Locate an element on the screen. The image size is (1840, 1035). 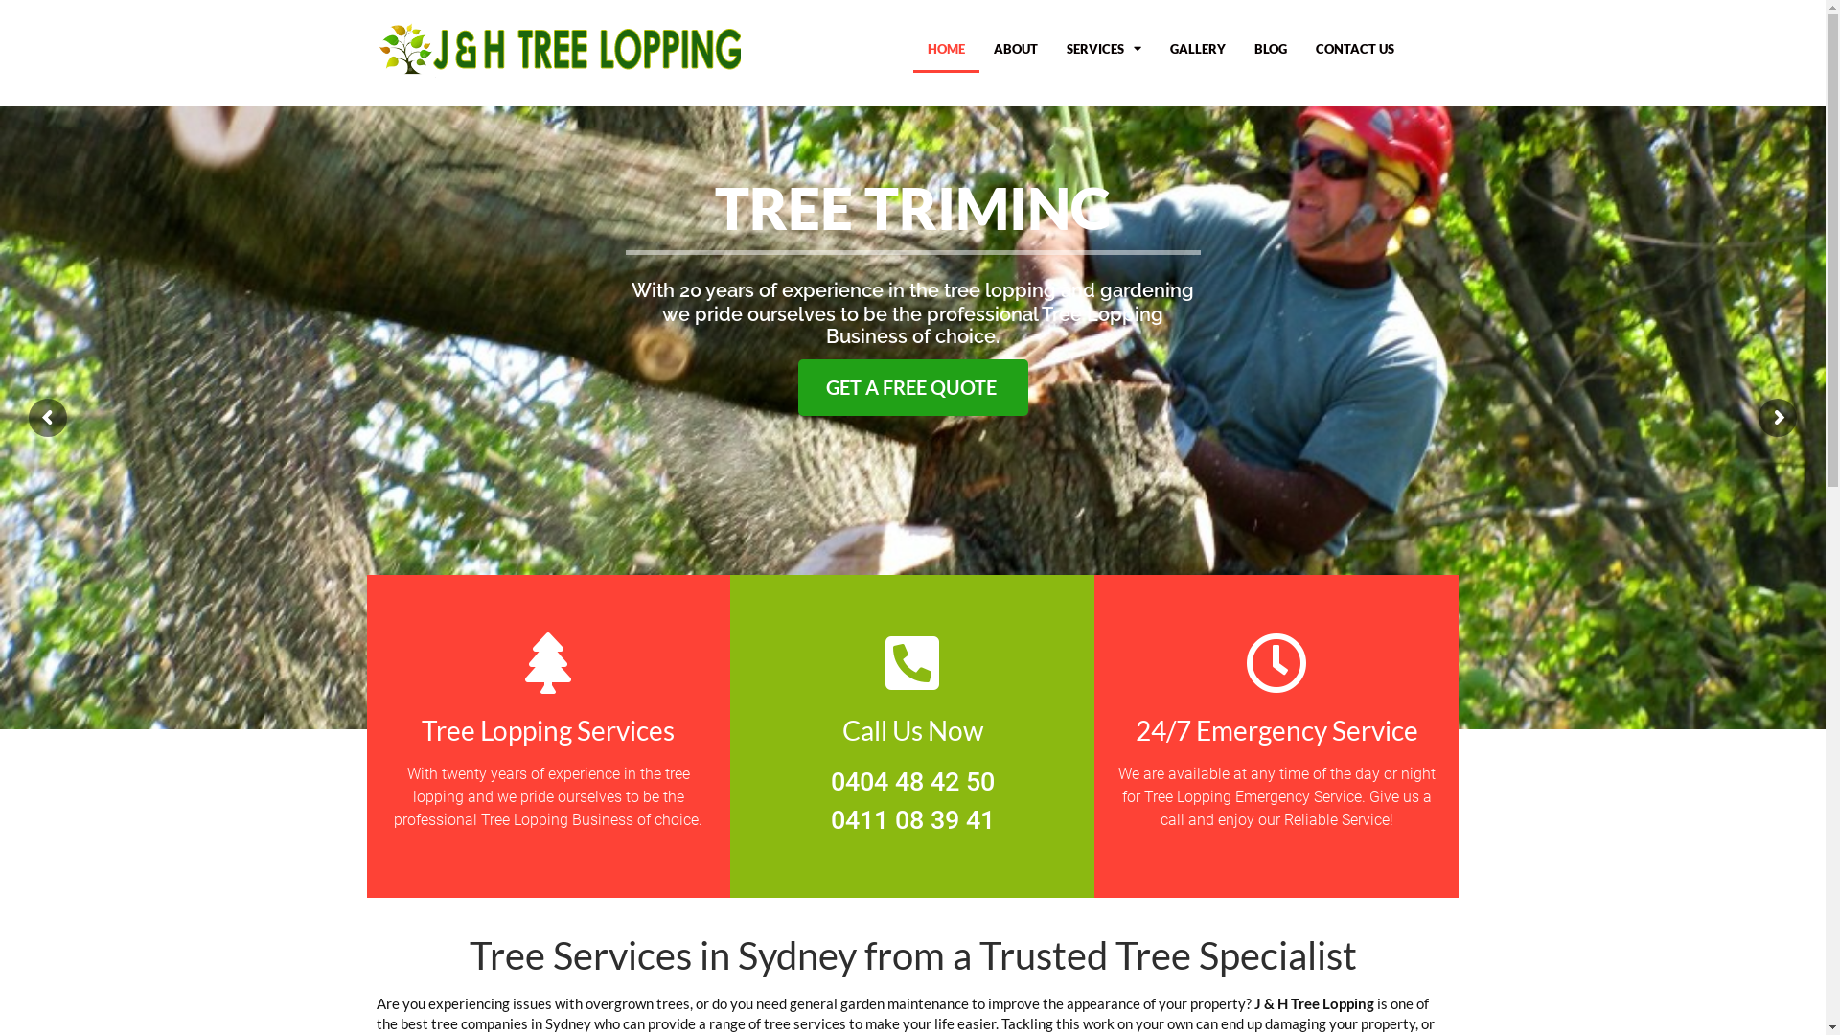
'ABOUT' is located at coordinates (1015, 47).